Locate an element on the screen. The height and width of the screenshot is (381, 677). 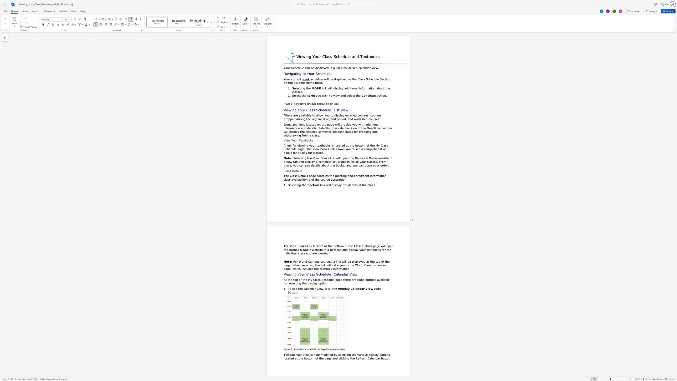
the 1th character "Y" in the text is located at coordinates (308, 73).